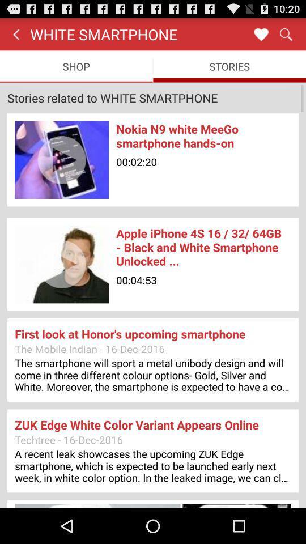 This screenshot has height=544, width=306. What do you see at coordinates (15, 33) in the screenshot?
I see `item above the shop item` at bounding box center [15, 33].